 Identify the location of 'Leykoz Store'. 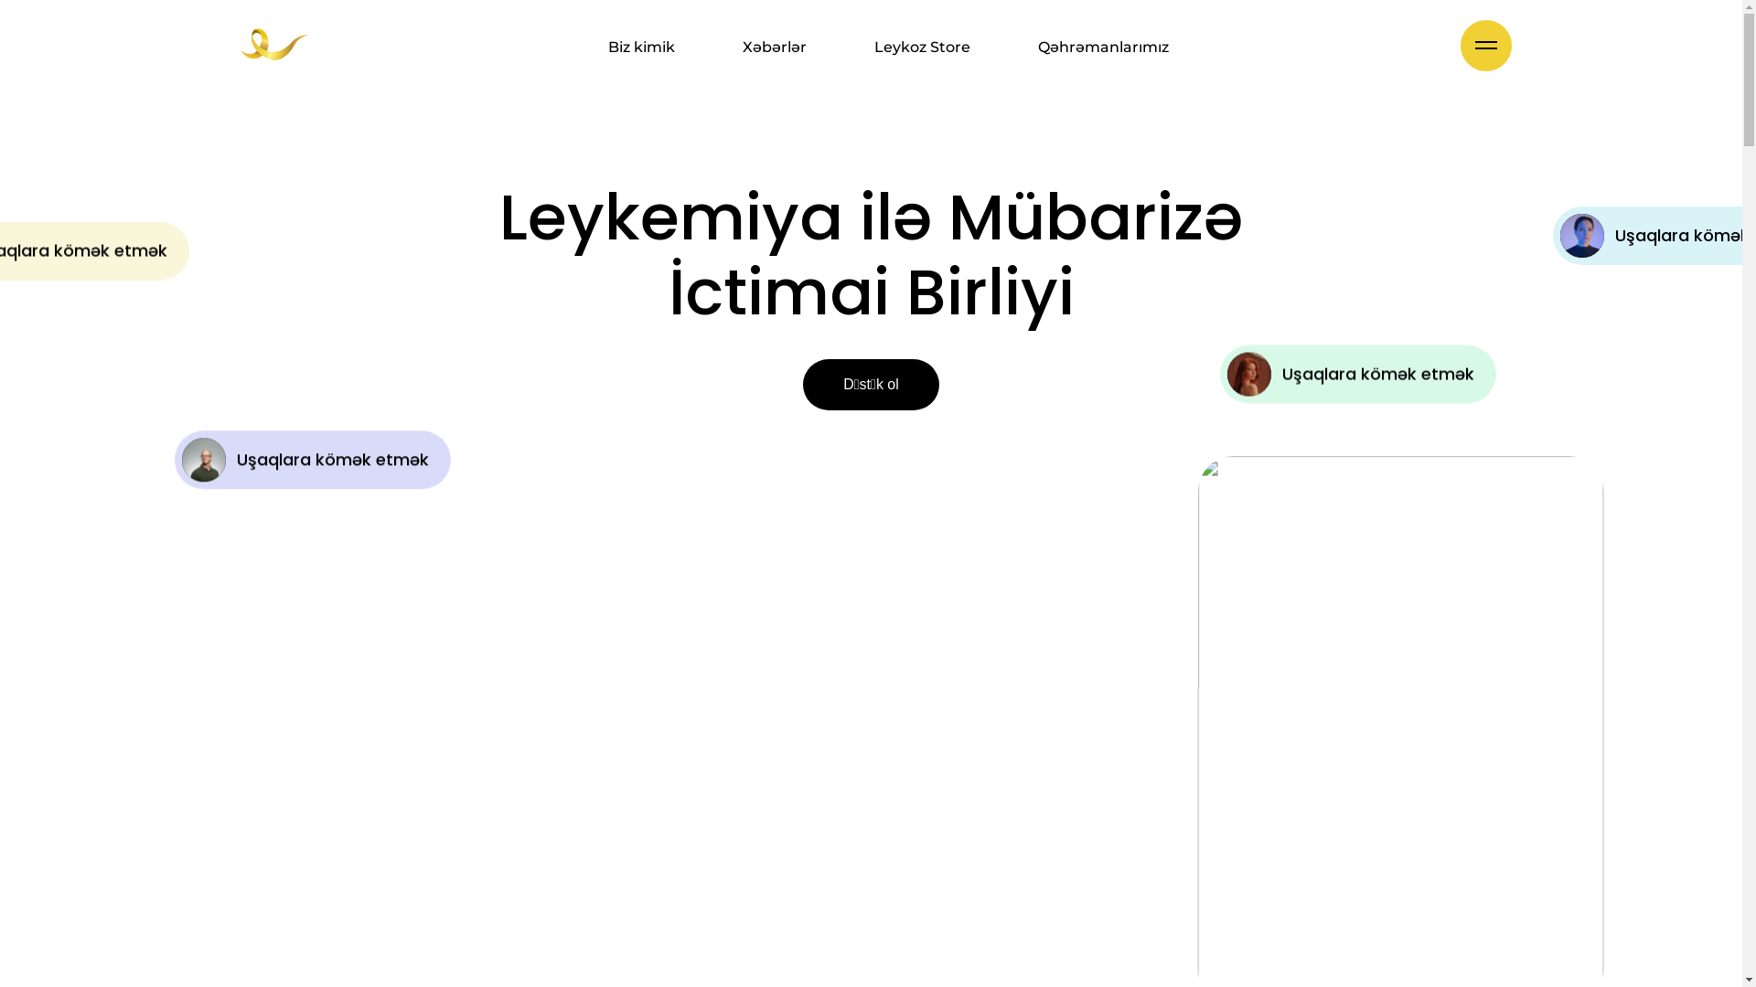
(922, 46).